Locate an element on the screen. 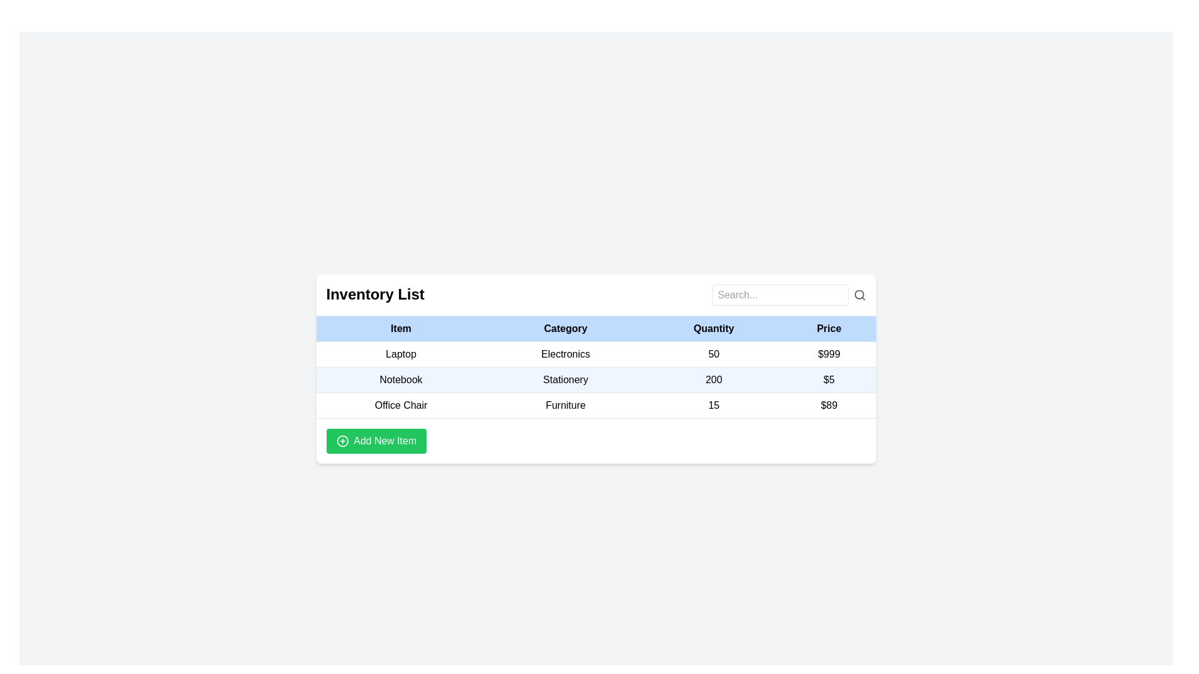  the quantity text element representing '50' for the inventory item 'Laptop' in the third column of the first row in the table is located at coordinates (714, 354).